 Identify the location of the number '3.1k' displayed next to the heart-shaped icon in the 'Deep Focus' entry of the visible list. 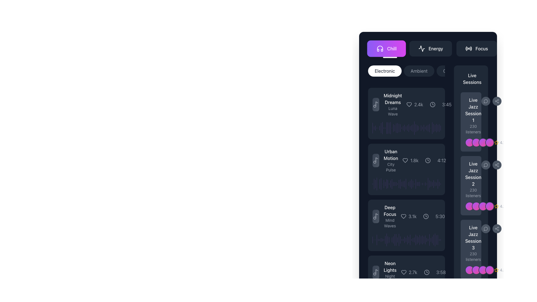
(408, 216).